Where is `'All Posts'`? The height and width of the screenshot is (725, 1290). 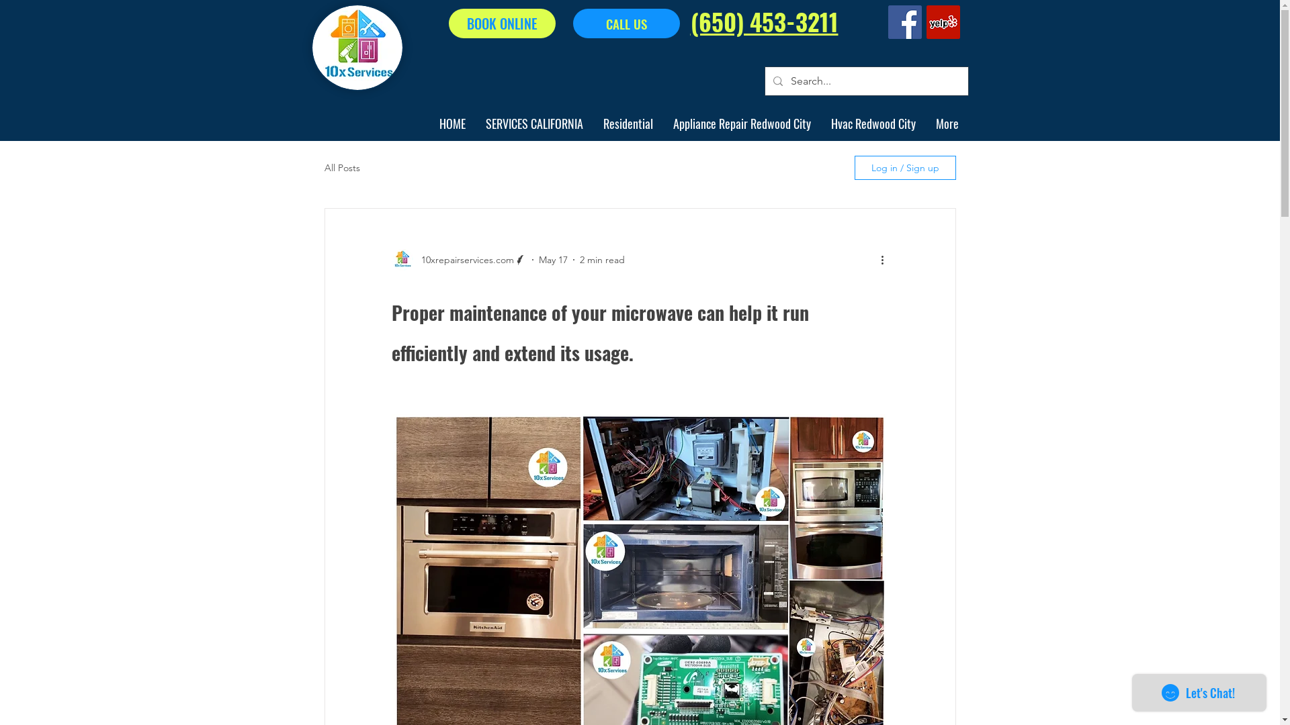 'All Posts' is located at coordinates (341, 167).